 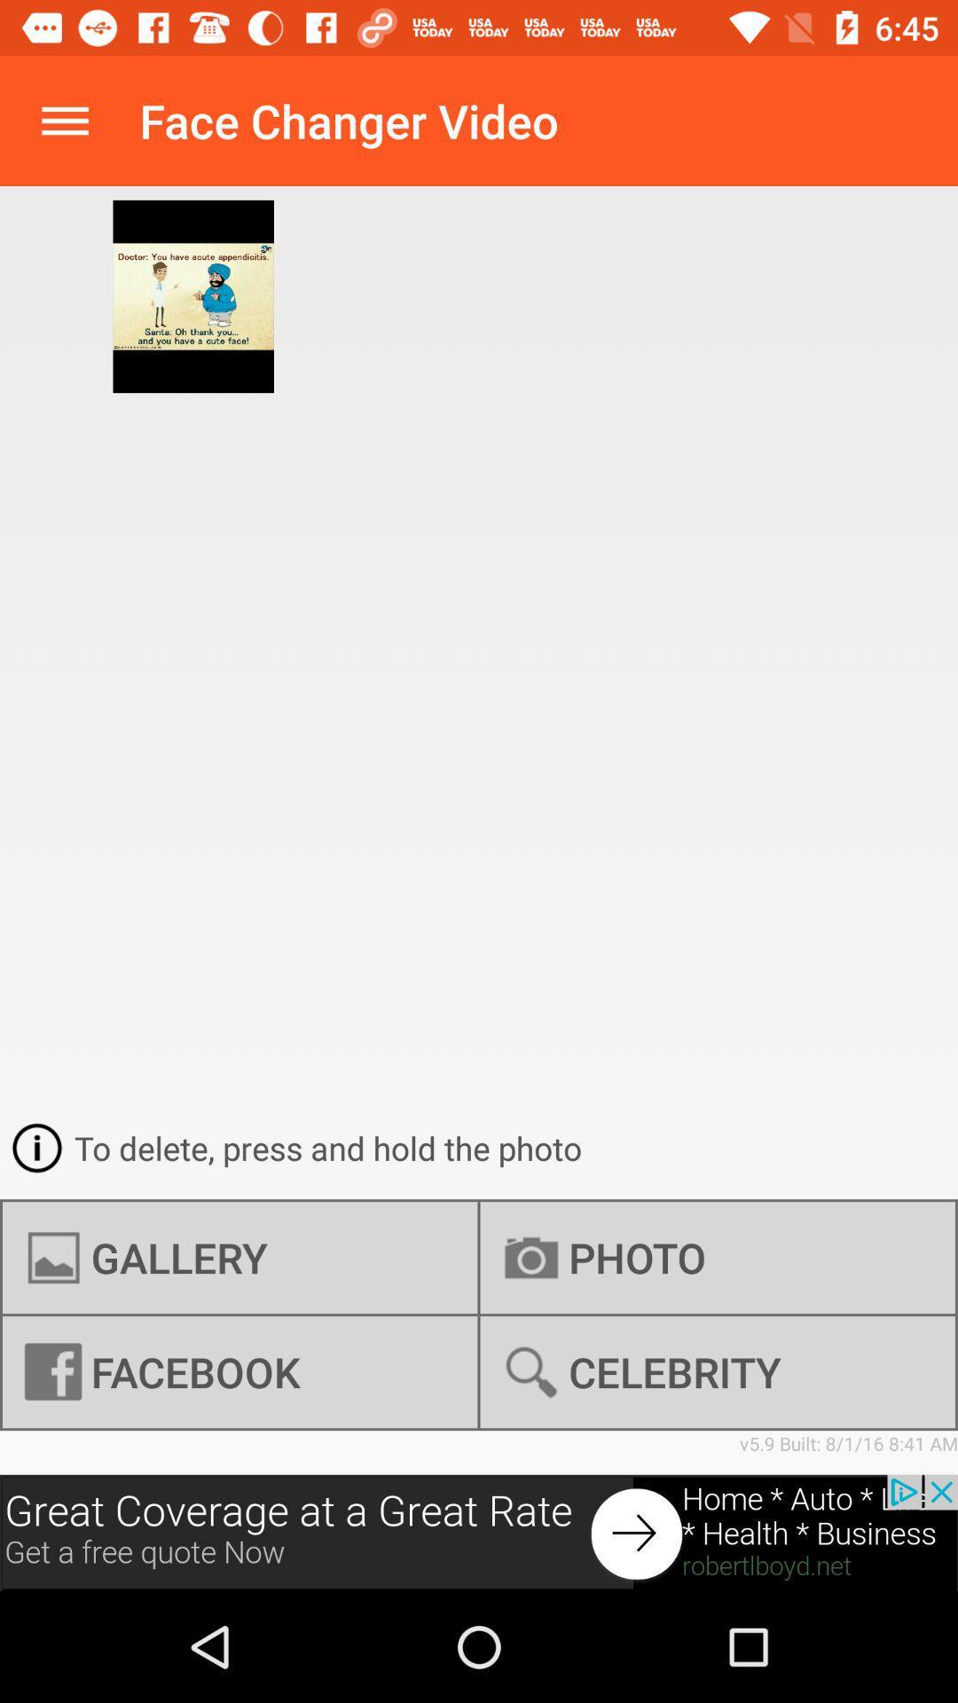 I want to click on the item to the left of the face changer video app, so click(x=64, y=120).